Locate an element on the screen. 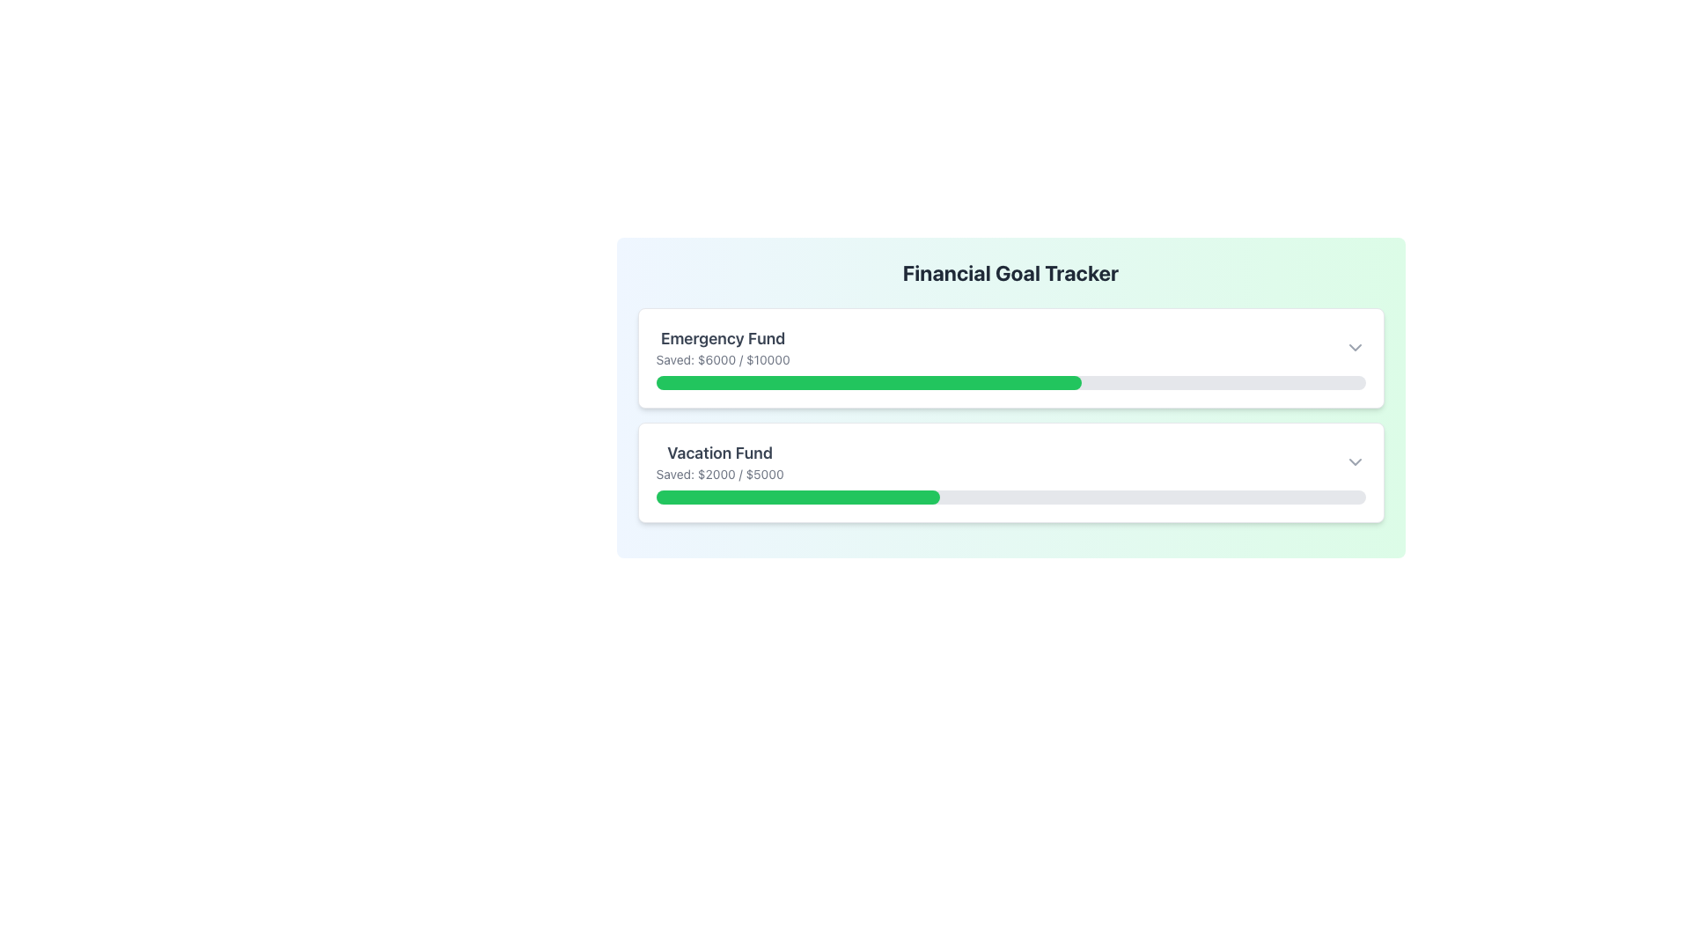 Image resolution: width=1690 pixels, height=951 pixels. the displayed information of the financial goals progress component, which shows goal names, saved amounts, and progress bars is located at coordinates (1010, 397).